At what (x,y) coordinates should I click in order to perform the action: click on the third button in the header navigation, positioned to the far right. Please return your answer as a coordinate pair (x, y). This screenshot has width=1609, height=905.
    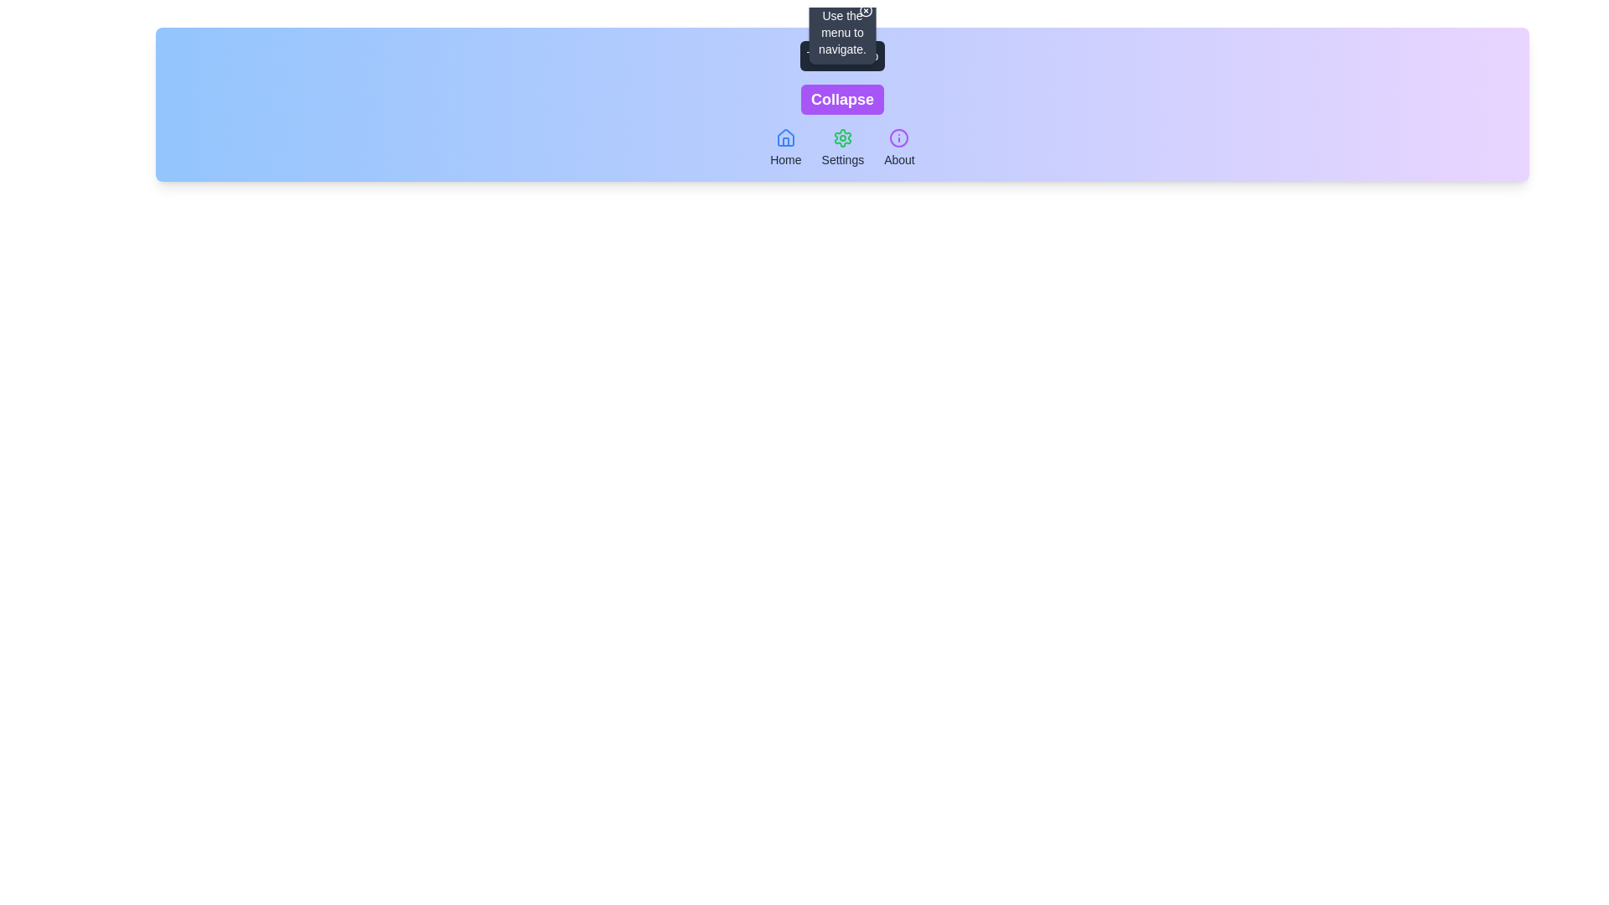
    Looking at the image, I should click on (898, 147).